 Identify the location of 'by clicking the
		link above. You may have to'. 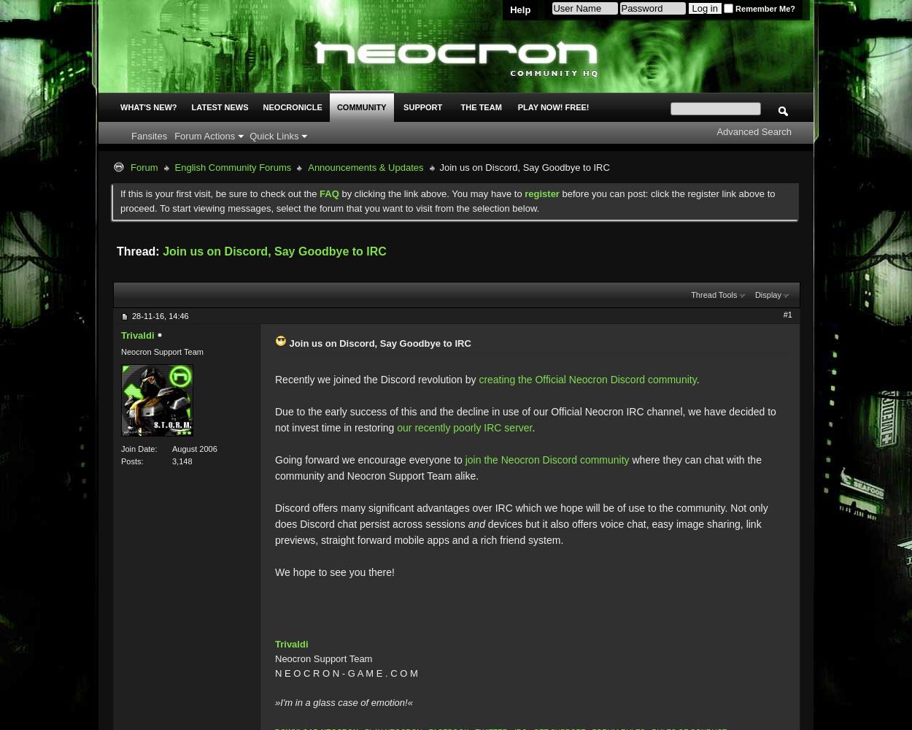
(430, 193).